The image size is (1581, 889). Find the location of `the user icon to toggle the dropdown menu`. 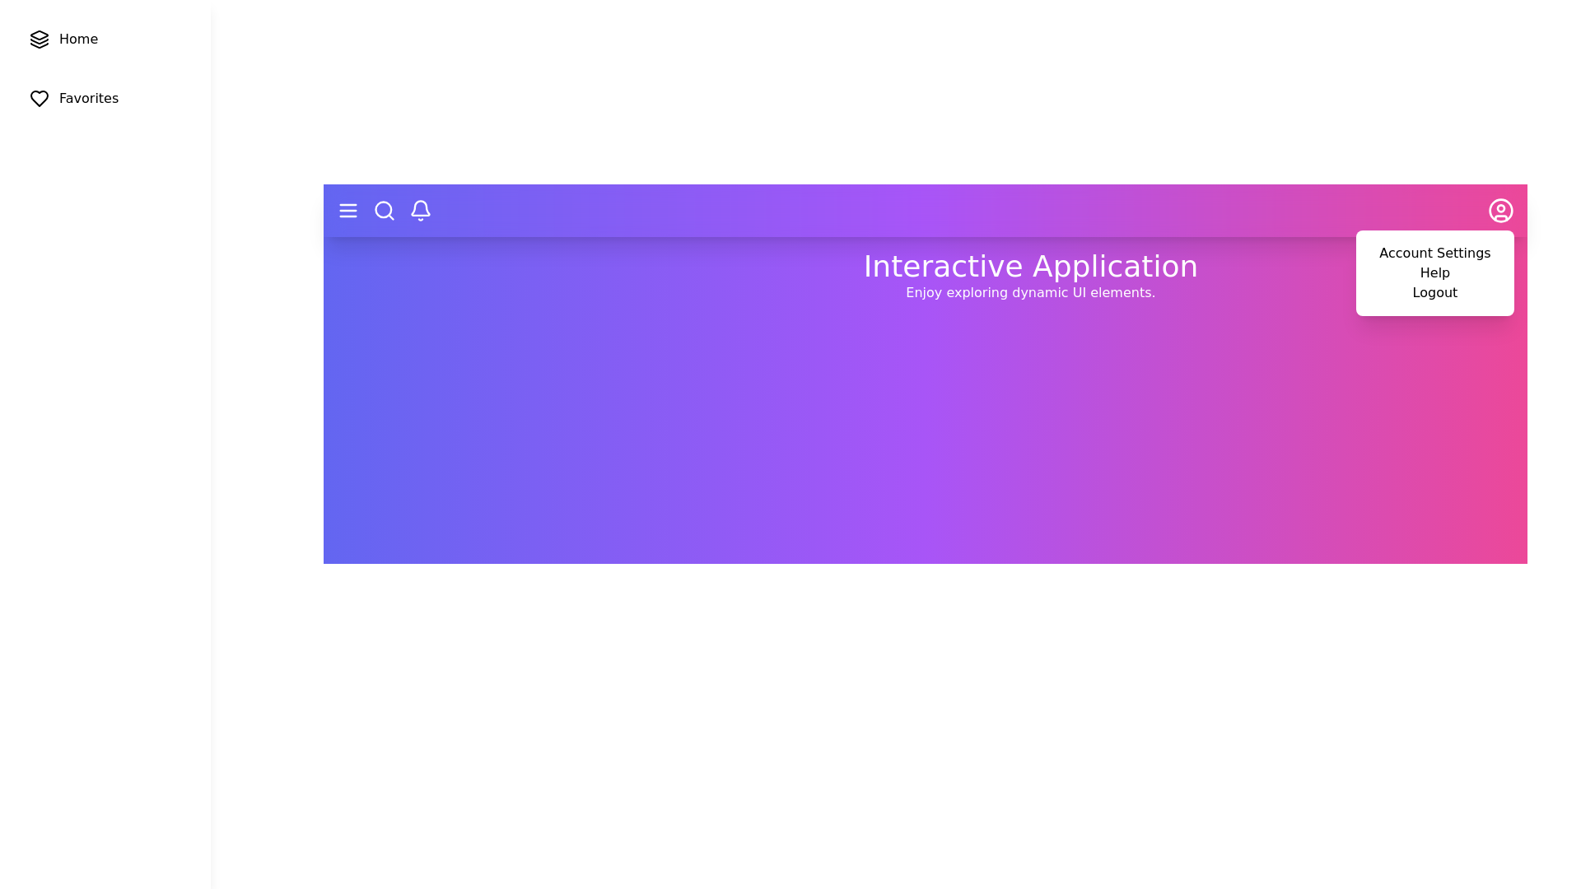

the user icon to toggle the dropdown menu is located at coordinates (1501, 209).